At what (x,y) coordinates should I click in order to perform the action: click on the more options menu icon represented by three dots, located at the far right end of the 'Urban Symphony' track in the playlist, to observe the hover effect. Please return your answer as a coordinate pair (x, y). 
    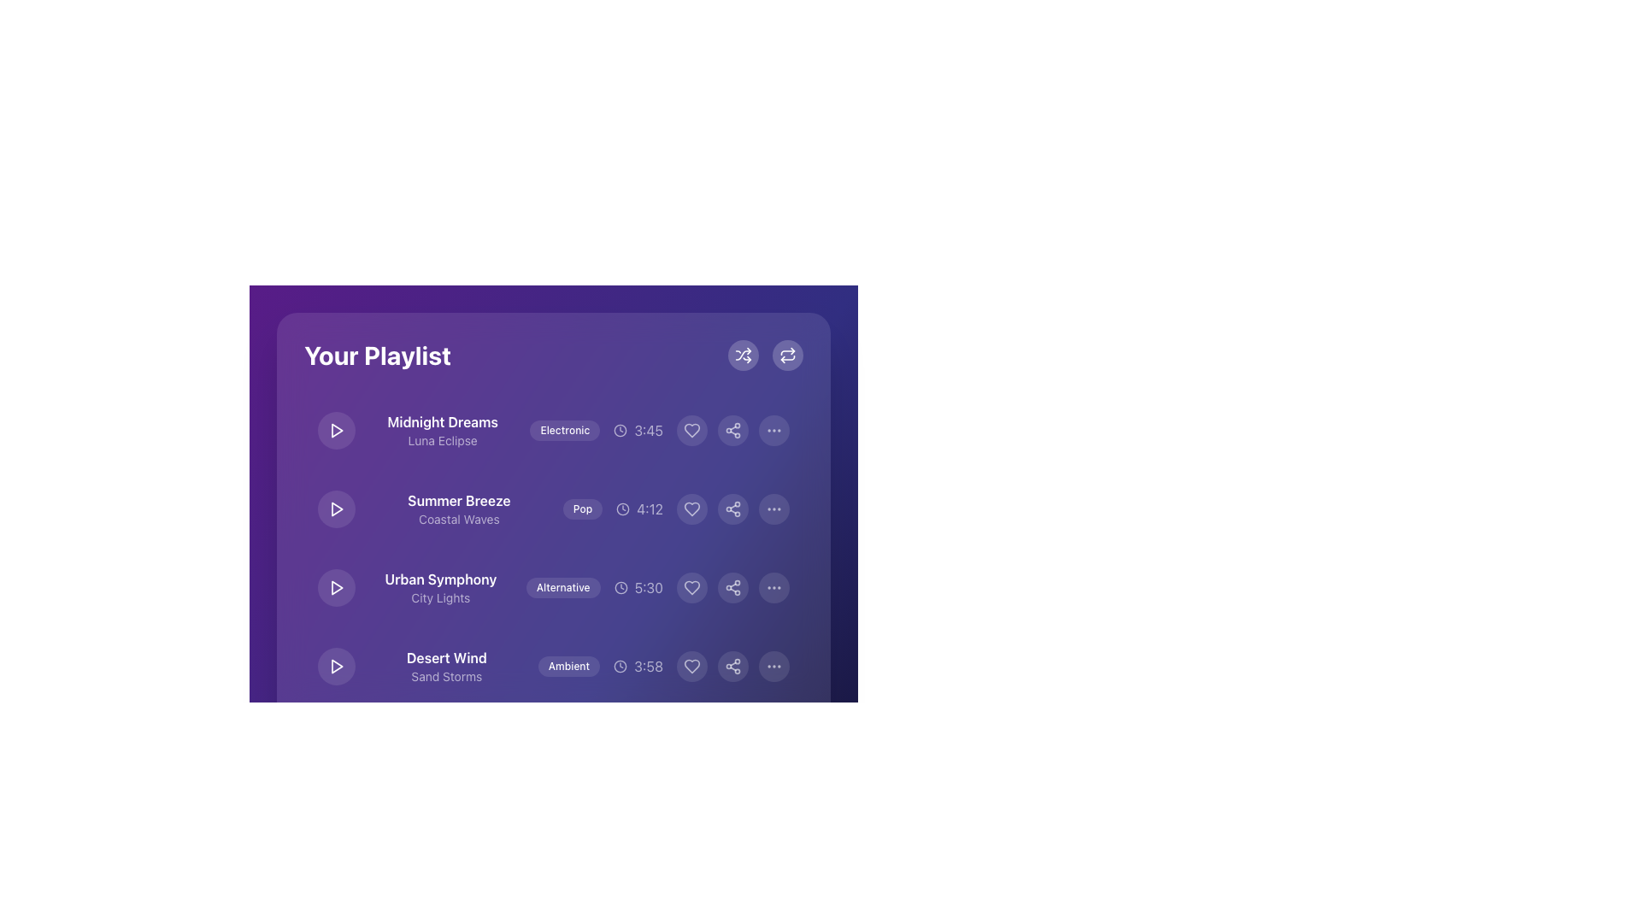
    Looking at the image, I should click on (773, 586).